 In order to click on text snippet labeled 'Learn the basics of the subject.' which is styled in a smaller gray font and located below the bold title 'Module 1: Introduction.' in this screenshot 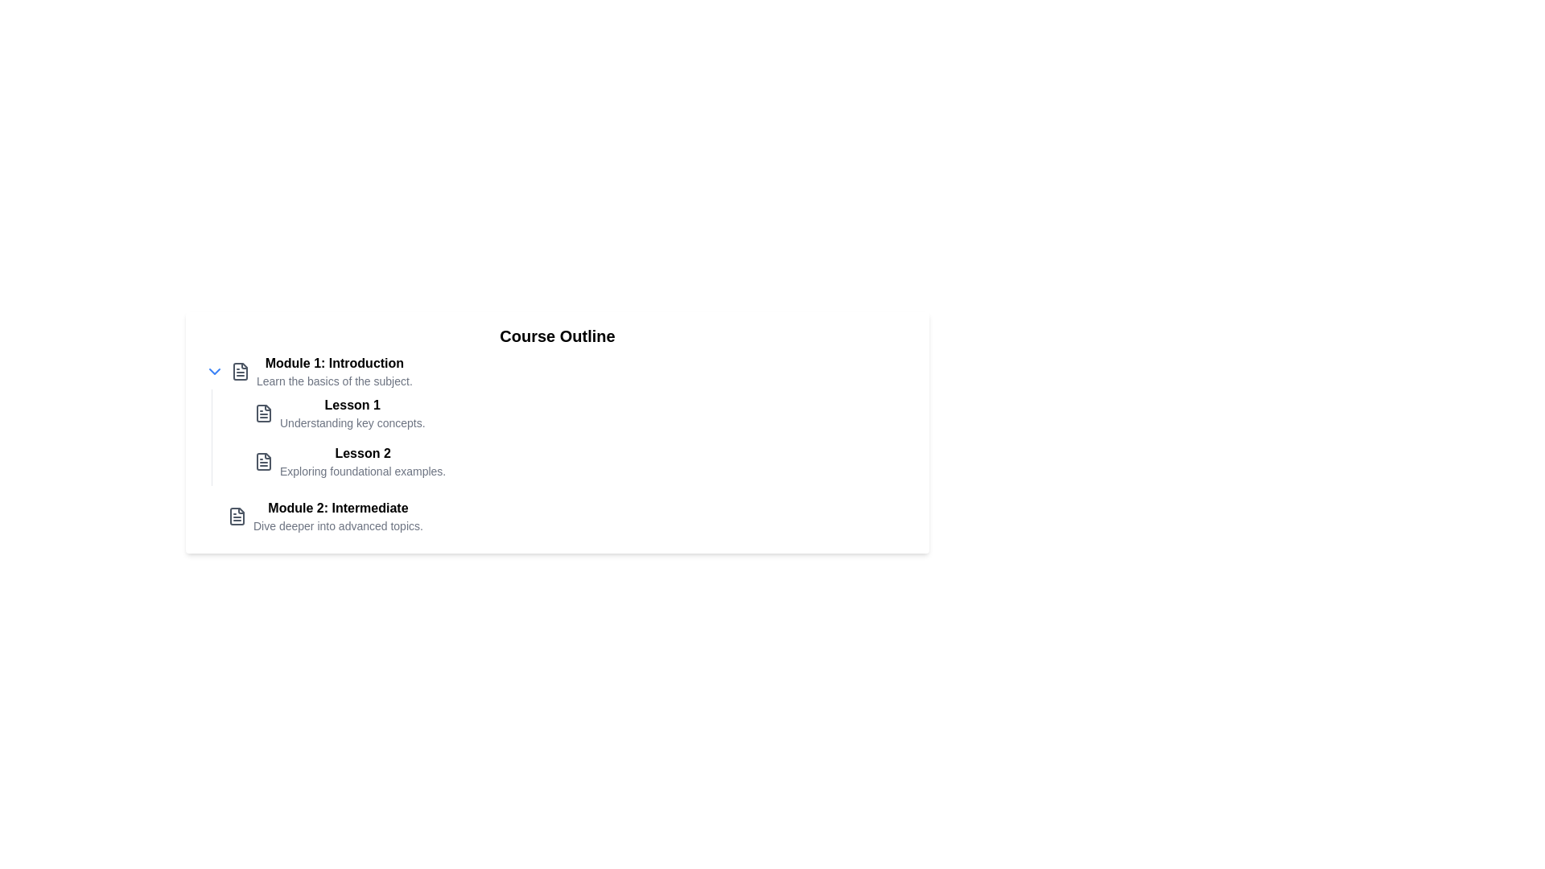, I will do `click(333, 381)`.